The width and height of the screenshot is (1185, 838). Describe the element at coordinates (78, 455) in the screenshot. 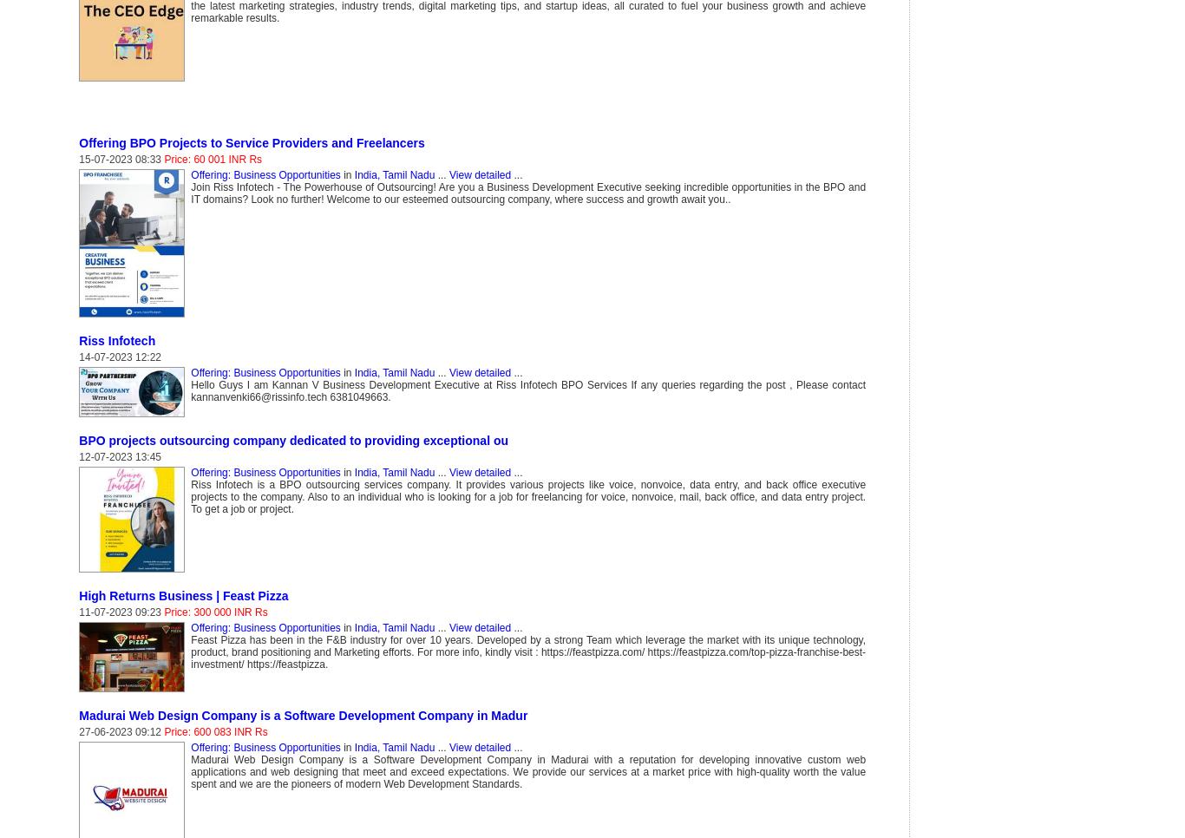

I see `'12-07-2023 13:45'` at that location.